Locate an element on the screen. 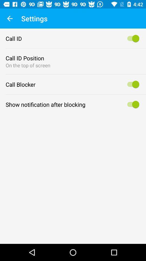 Image resolution: width=146 pixels, height=261 pixels. on or off is located at coordinates (132, 84).